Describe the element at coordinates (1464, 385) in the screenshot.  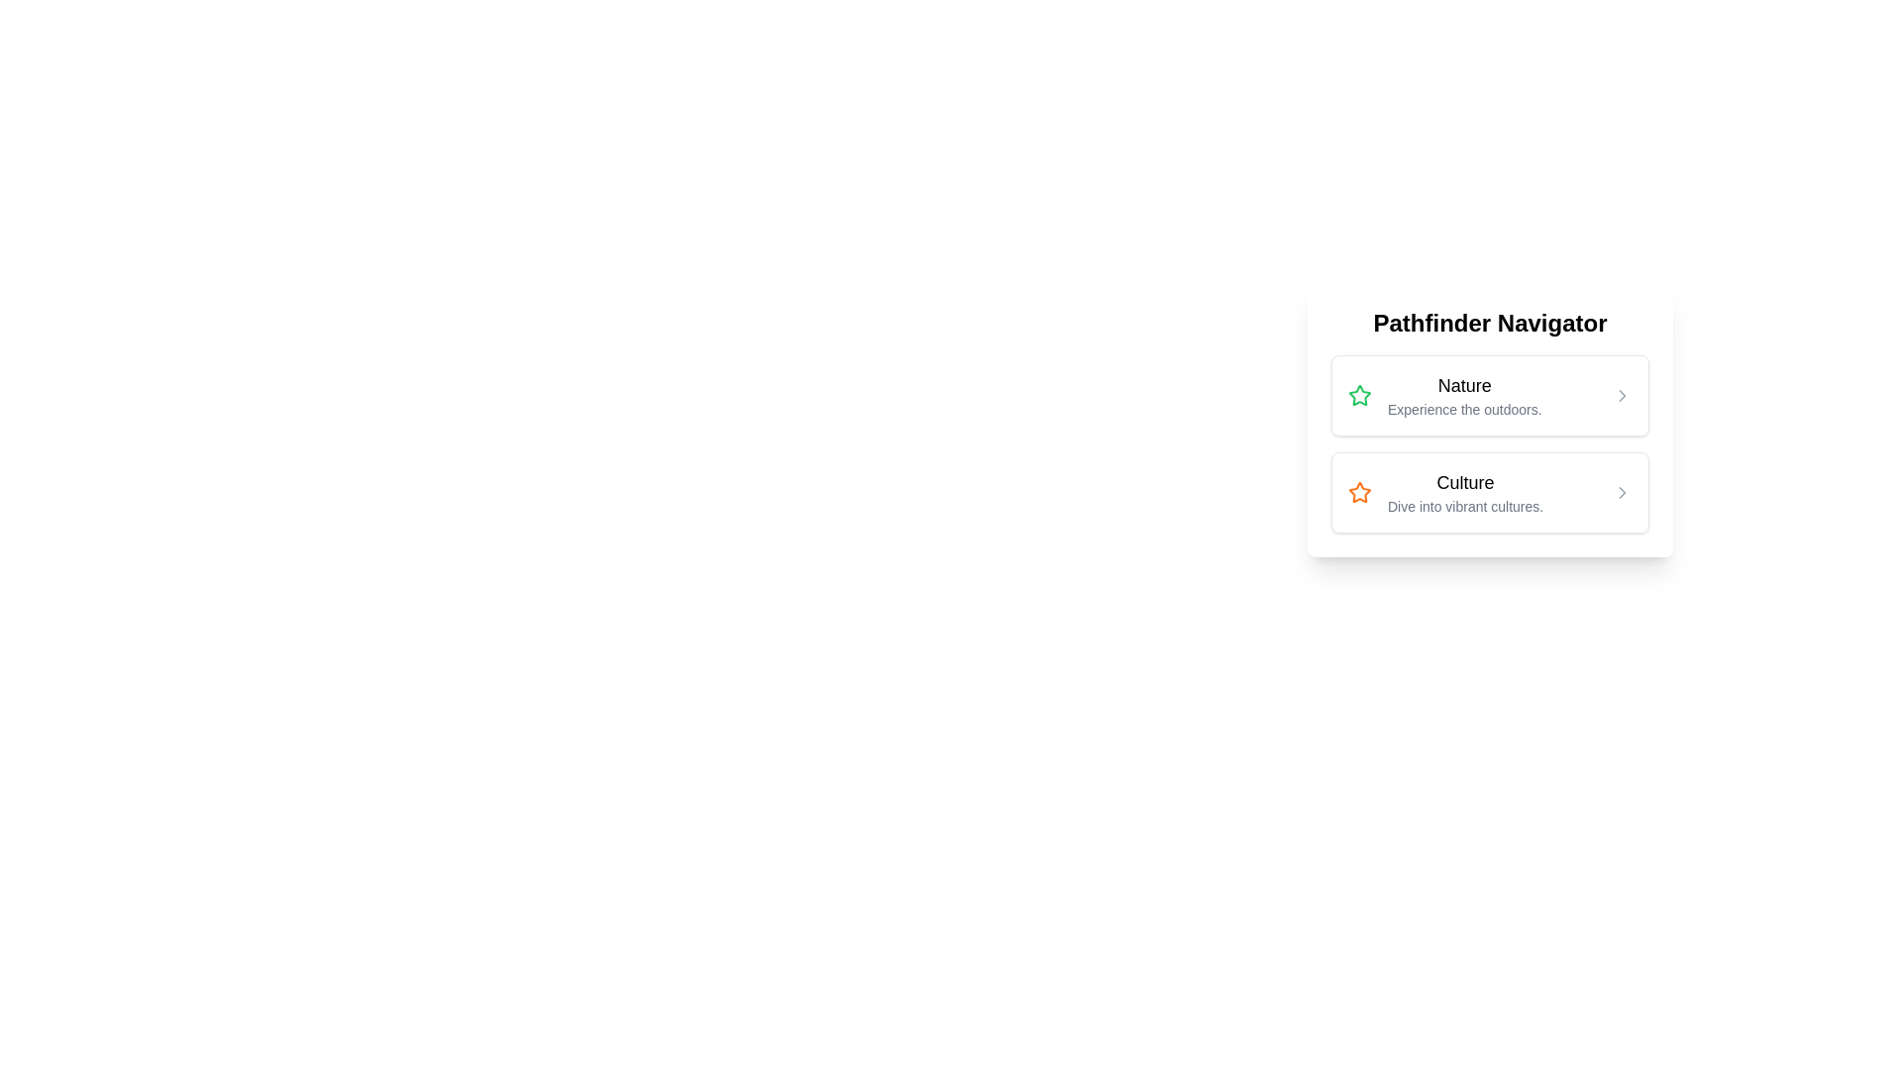
I see `the text label titled 'Nature' which serves as a headline for its associated section` at that location.